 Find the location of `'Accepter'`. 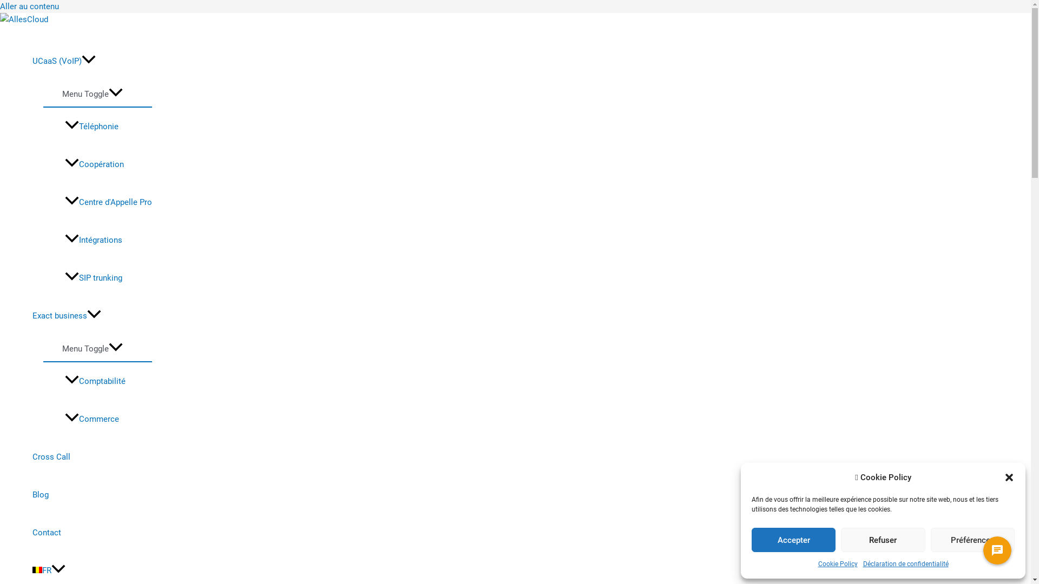

'Accepter' is located at coordinates (751, 540).